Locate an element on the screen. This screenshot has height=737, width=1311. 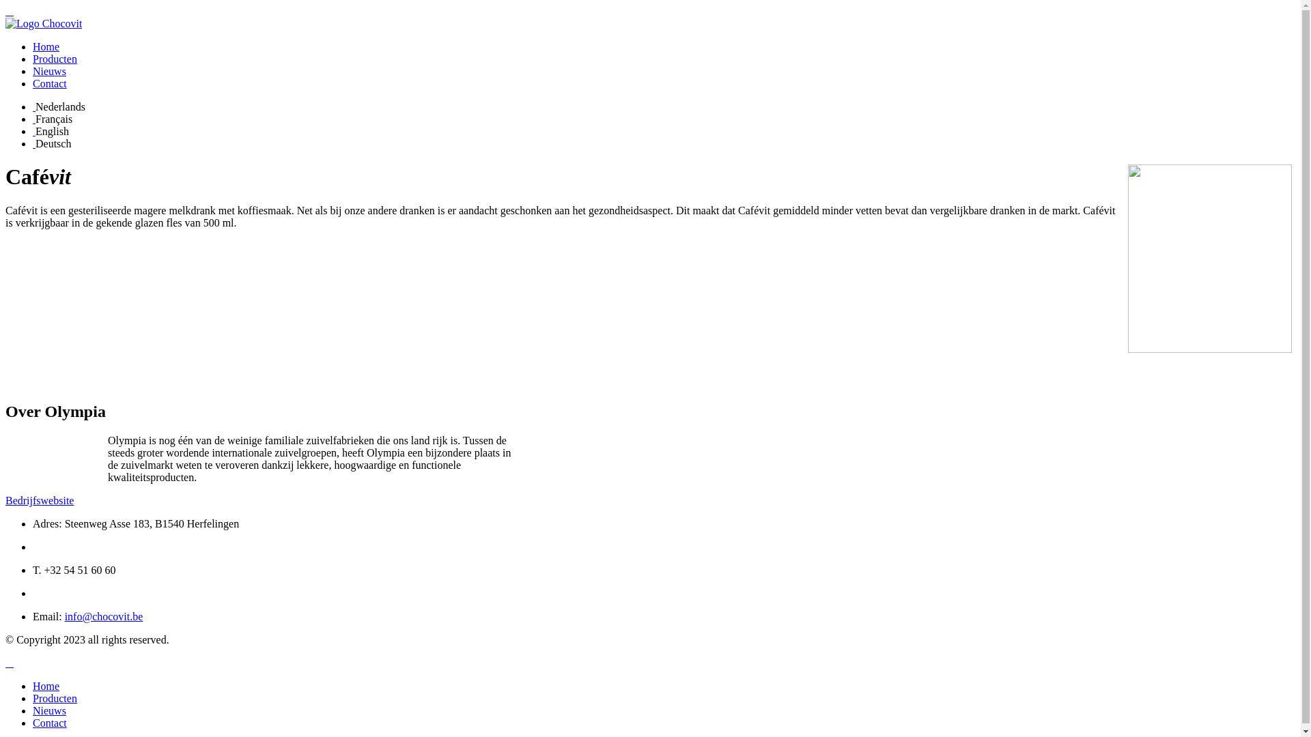
'   ' is located at coordinates (10, 662).